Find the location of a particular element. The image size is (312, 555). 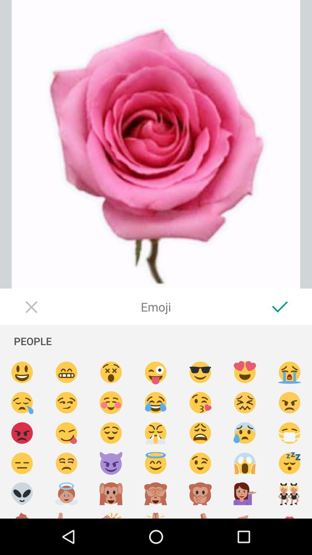

use emoji is located at coordinates (245, 372).